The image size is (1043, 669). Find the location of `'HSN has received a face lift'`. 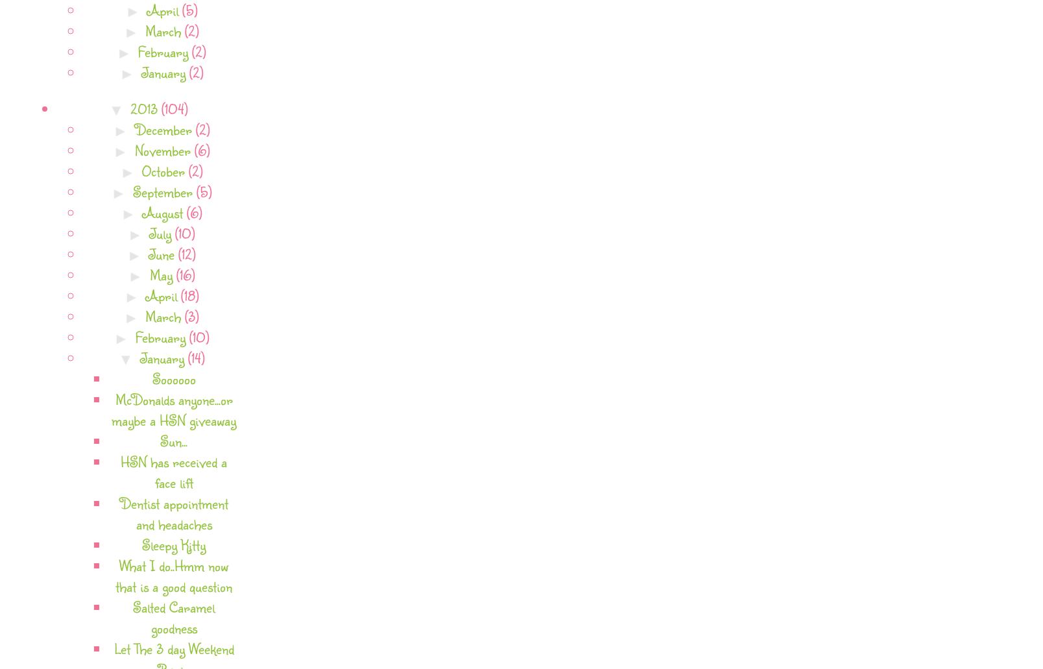

'HSN has received a face lift' is located at coordinates (174, 470).